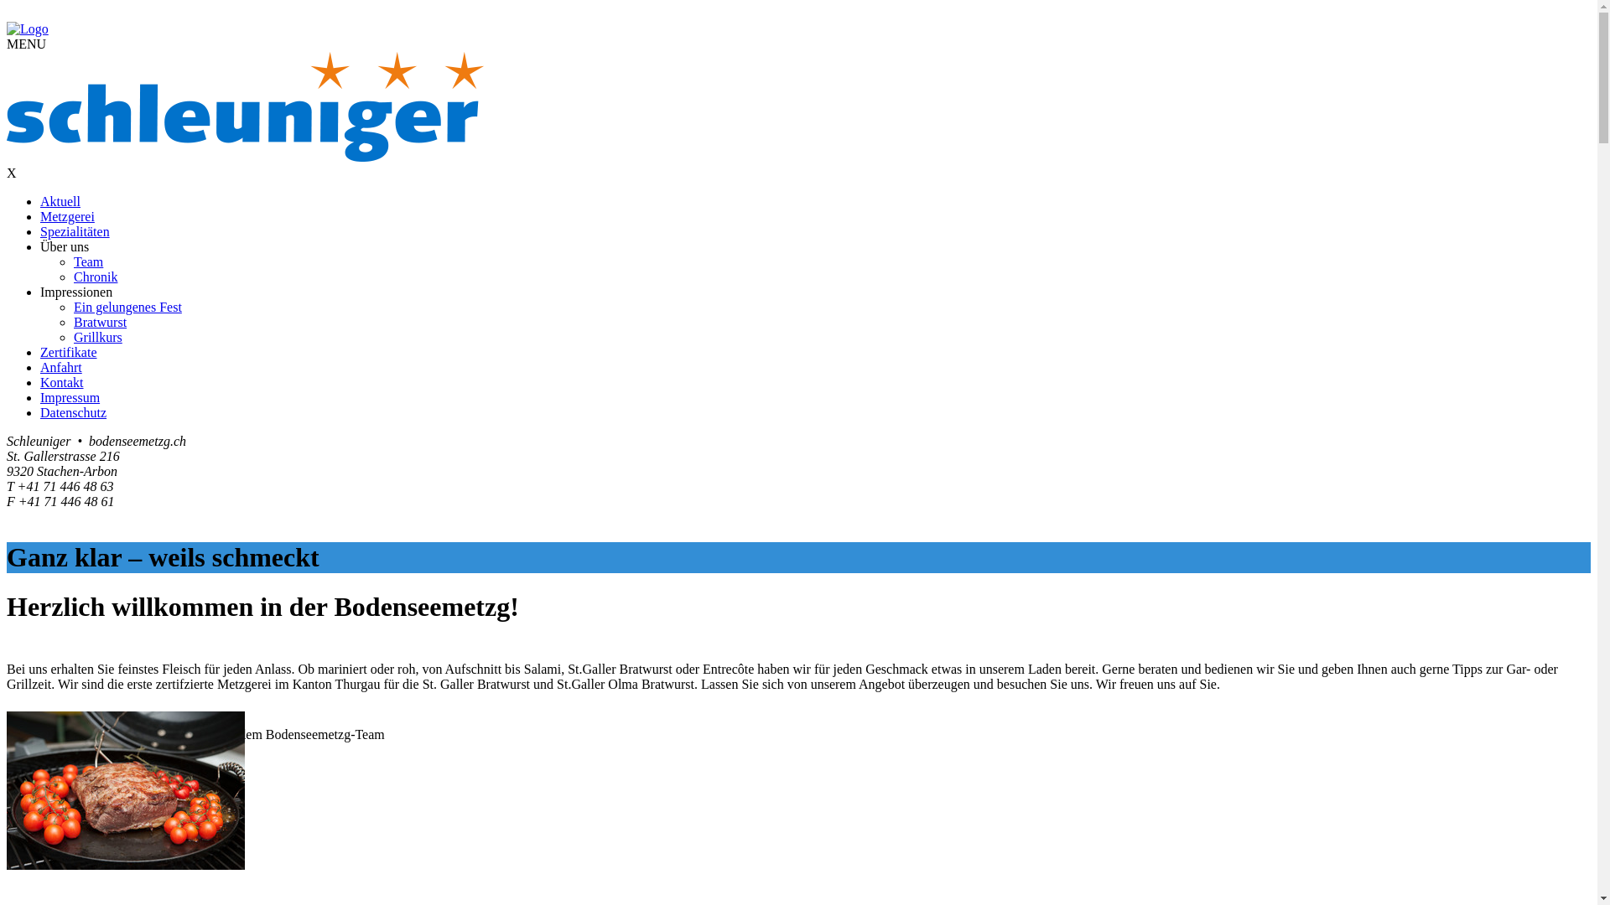 This screenshot has width=1610, height=905. Describe the element at coordinates (96, 337) in the screenshot. I see `'Grillkurs'` at that location.